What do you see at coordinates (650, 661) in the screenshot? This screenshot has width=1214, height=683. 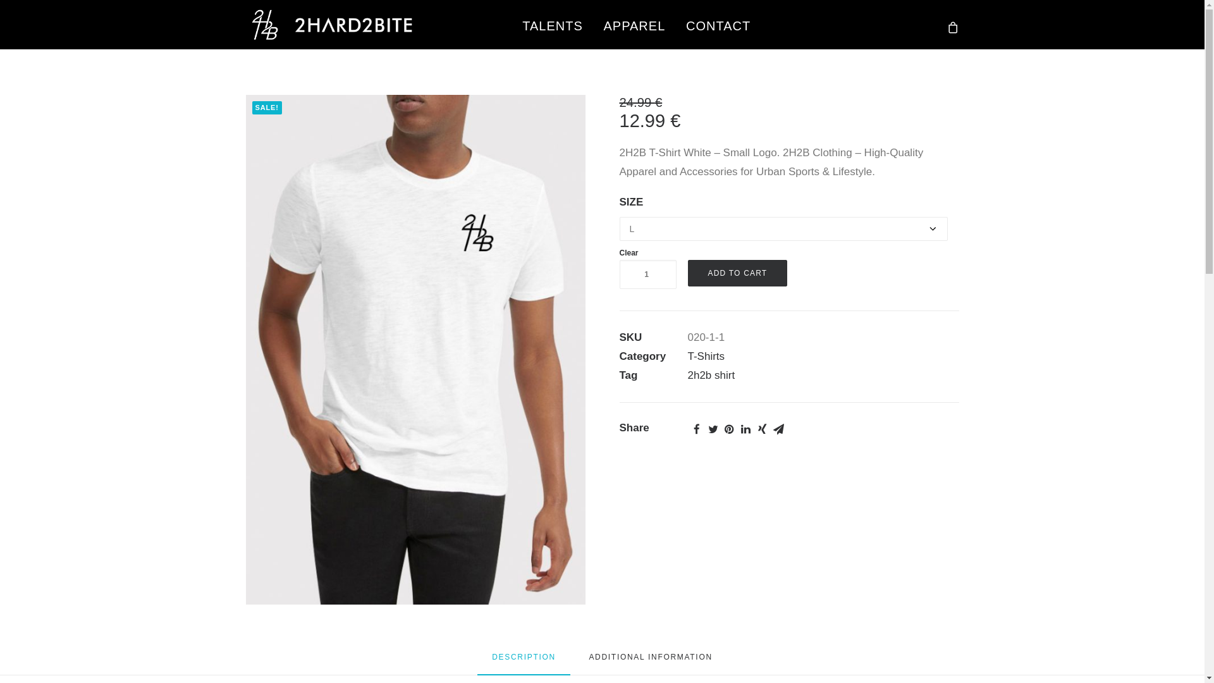 I see `'ADDITIONAL INFORMATION'` at bounding box center [650, 661].